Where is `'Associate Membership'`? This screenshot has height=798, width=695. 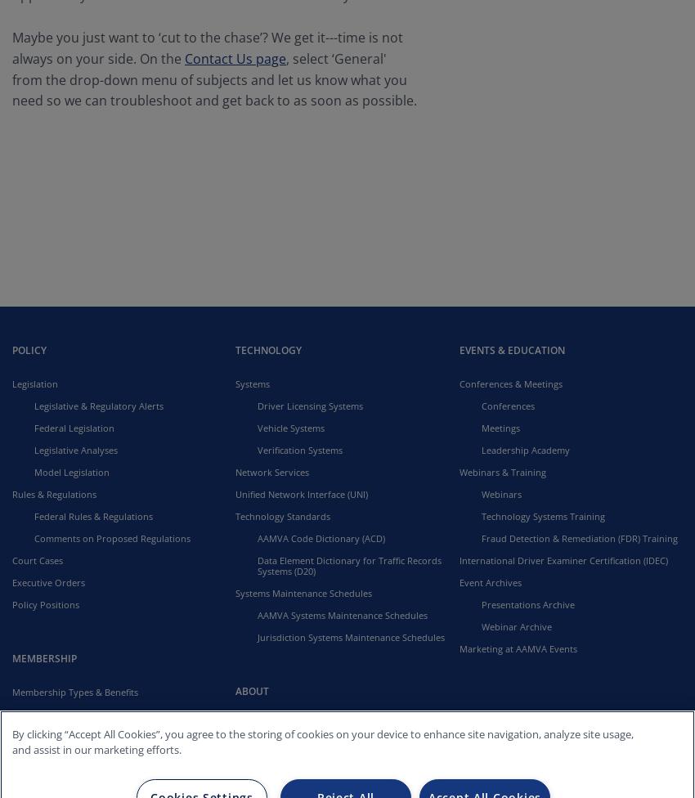
'Associate Membership' is located at coordinates (81, 734).